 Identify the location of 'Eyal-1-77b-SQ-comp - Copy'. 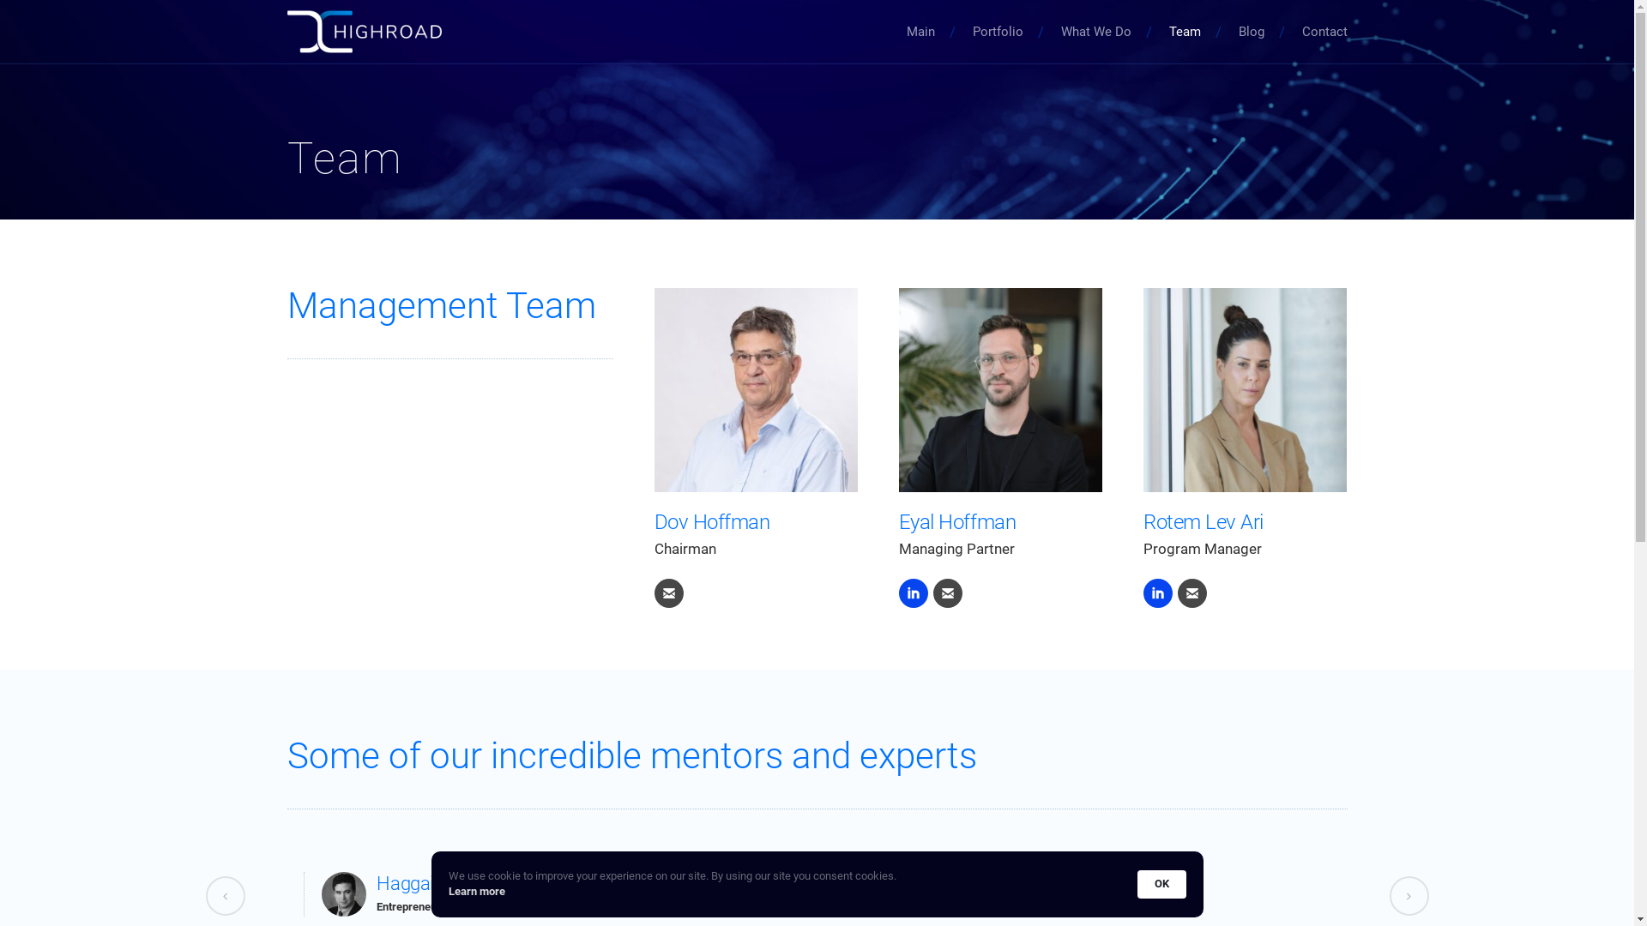
(1000, 389).